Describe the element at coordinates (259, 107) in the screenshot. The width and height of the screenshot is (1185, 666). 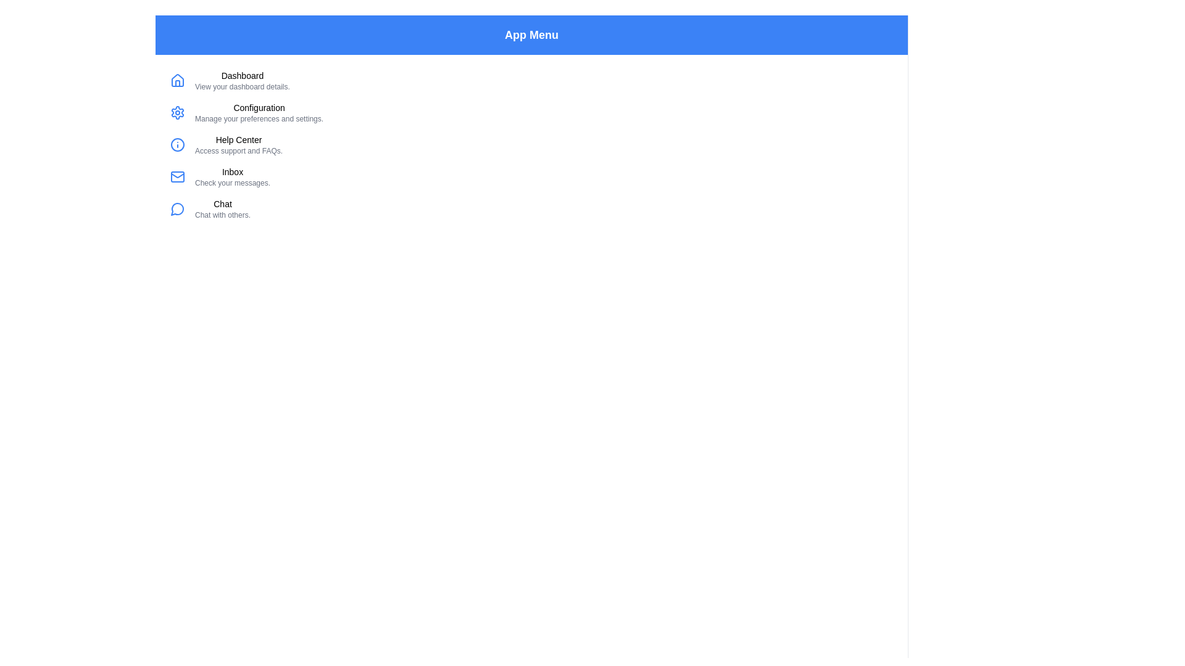
I see `the 'Configuration' section title text label located below the 'Dashboard' section in the menu` at that location.